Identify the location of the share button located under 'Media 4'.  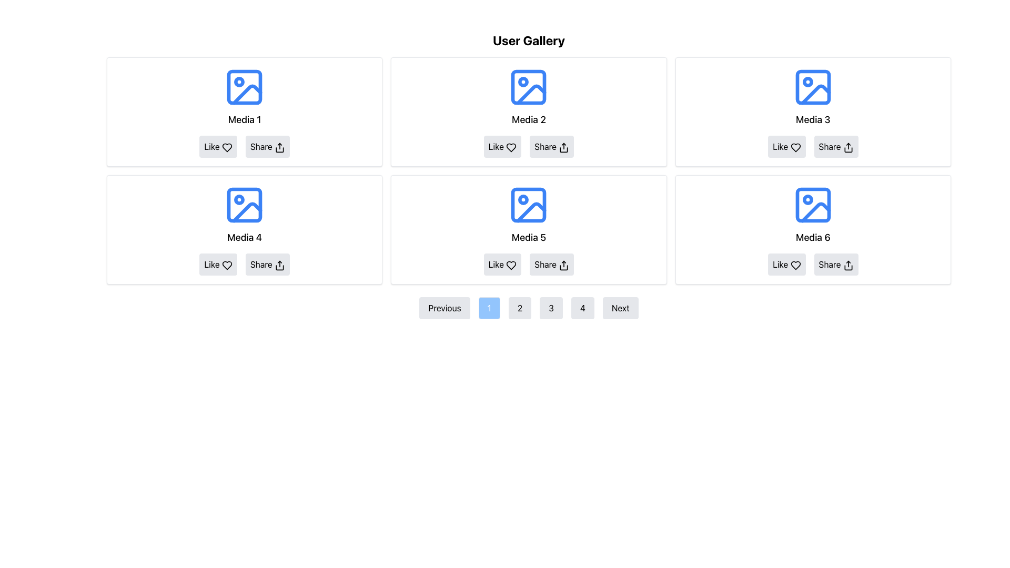
(267, 263).